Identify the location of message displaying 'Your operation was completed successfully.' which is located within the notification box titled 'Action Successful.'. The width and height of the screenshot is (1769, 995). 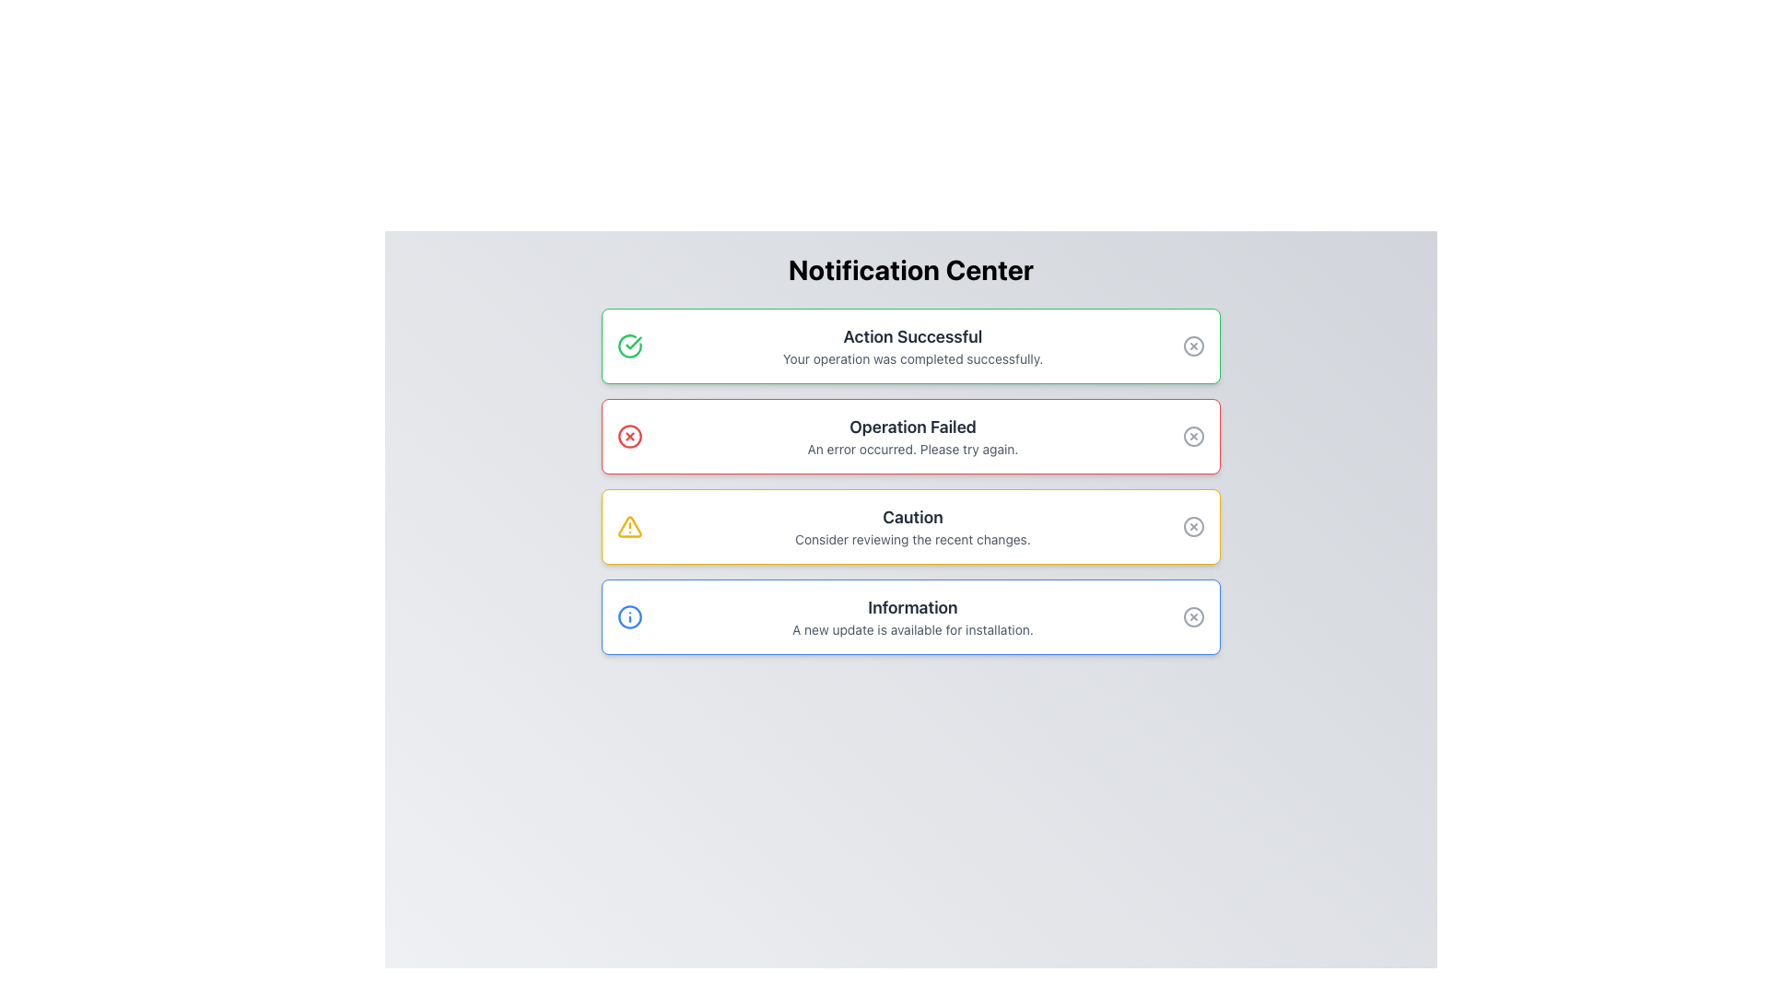
(912, 358).